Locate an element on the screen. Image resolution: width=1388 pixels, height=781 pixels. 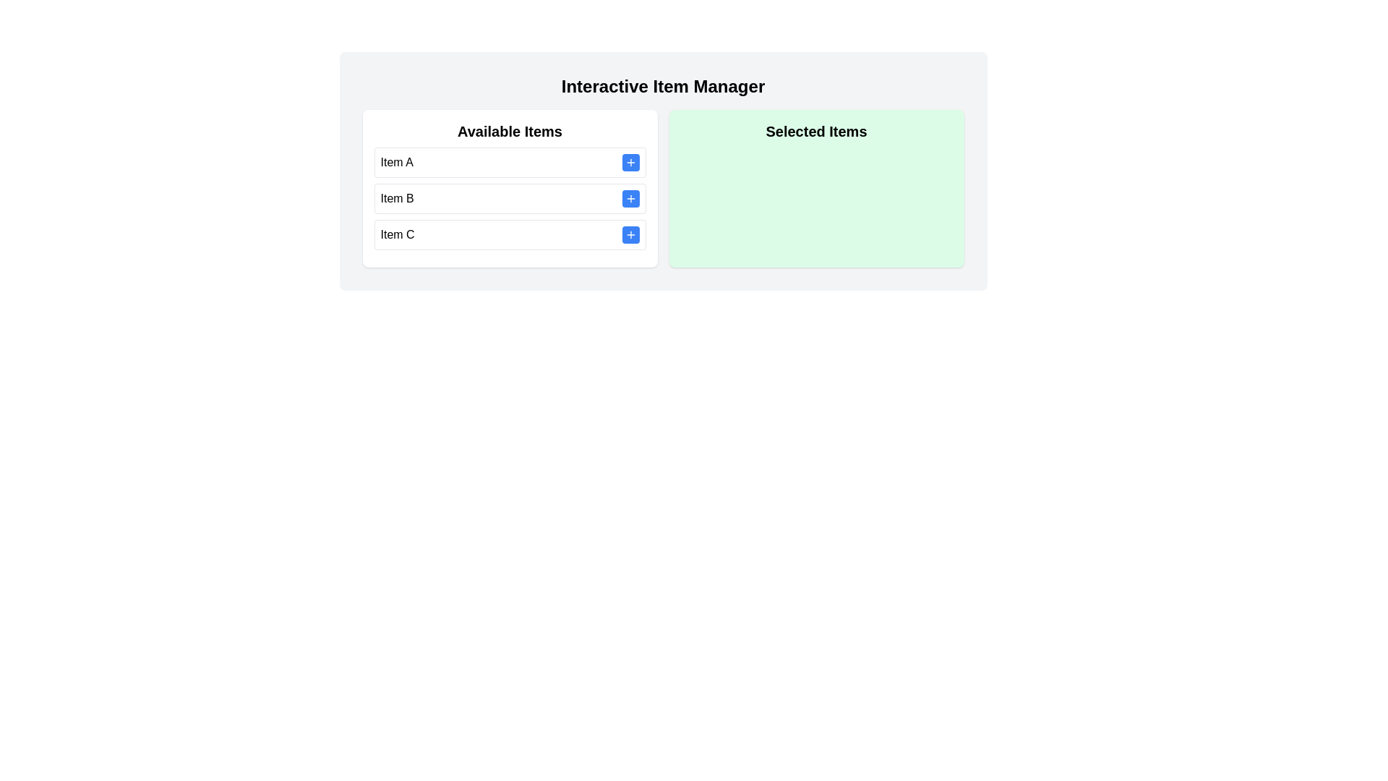
the 'Item C' list item for keyboard interaction by targeting its center point is located at coordinates (510, 234).